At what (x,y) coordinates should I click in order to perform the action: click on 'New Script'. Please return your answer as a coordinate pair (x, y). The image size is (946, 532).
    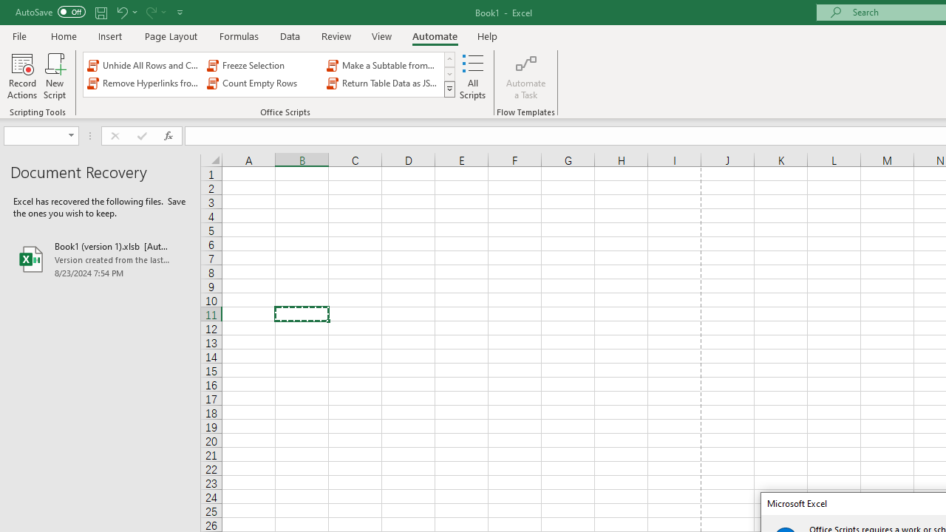
    Looking at the image, I should click on (54, 76).